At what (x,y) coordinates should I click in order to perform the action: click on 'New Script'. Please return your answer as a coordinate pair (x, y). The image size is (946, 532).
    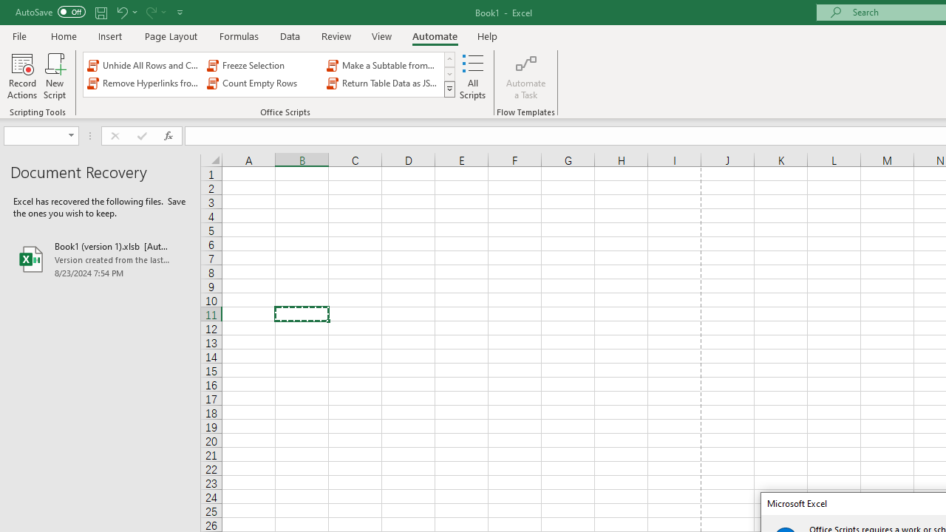
    Looking at the image, I should click on (54, 76).